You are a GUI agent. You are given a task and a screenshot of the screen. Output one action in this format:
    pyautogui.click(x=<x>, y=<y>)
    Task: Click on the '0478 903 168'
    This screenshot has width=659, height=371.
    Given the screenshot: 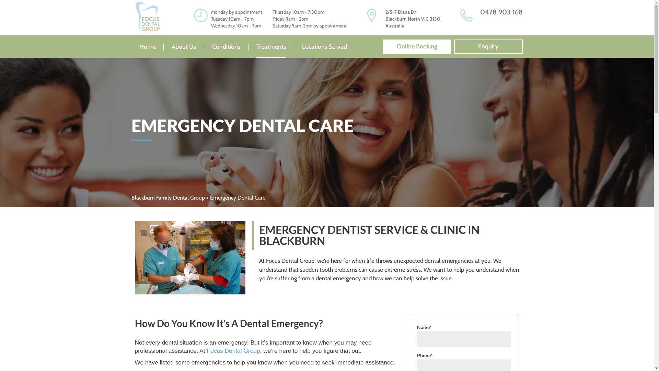 What is the action you would take?
    pyautogui.click(x=501, y=12)
    